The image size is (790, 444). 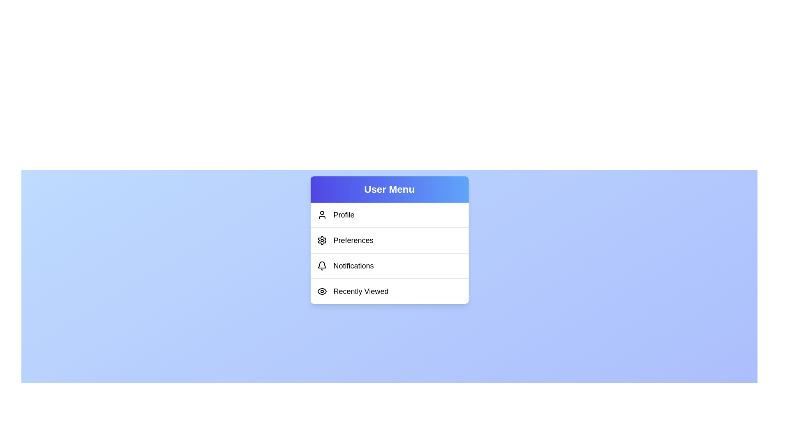 I want to click on the menu item labeled Profile, so click(x=389, y=215).